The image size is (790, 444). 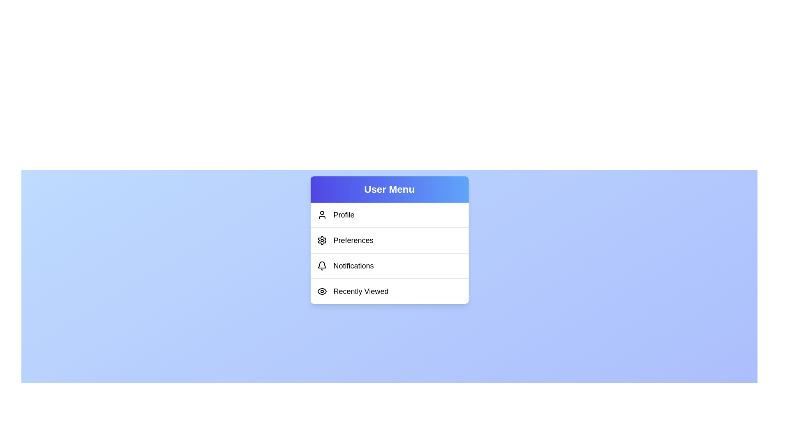 I want to click on the menu item labeled Profile, so click(x=389, y=215).